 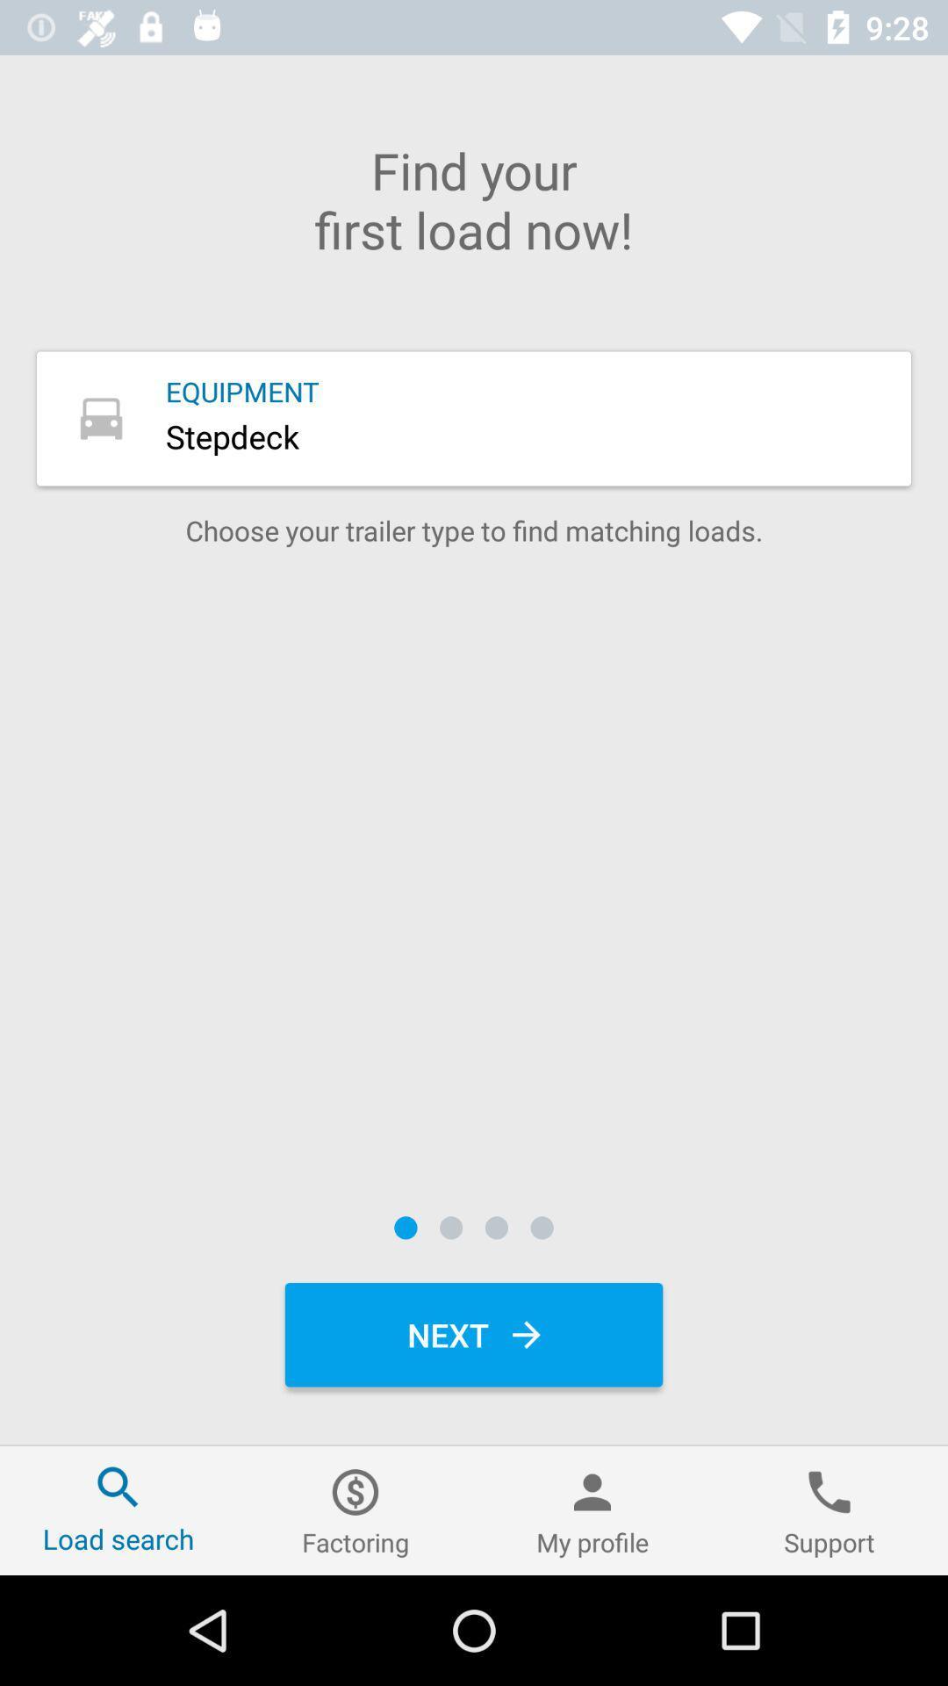 What do you see at coordinates (829, 1509) in the screenshot?
I see `support icon` at bounding box center [829, 1509].